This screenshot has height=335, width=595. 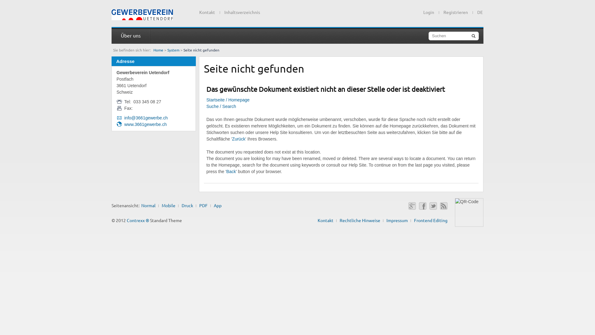 What do you see at coordinates (124, 124) in the screenshot?
I see `'www.3661gewerbe.ch'` at bounding box center [124, 124].